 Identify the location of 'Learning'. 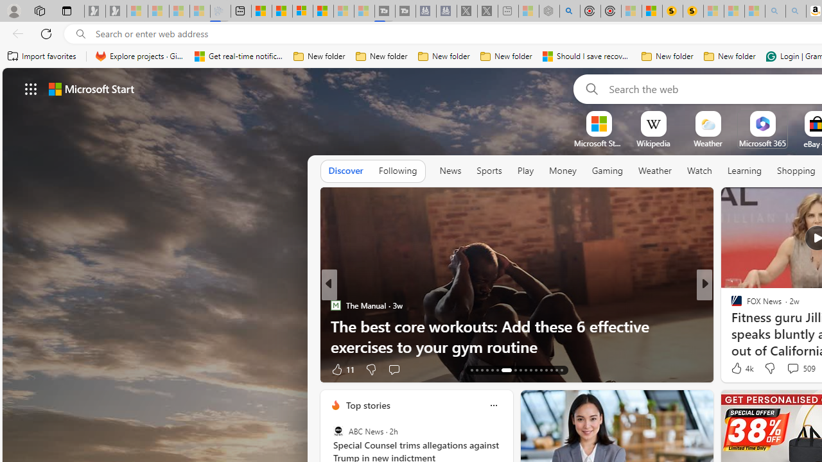
(744, 170).